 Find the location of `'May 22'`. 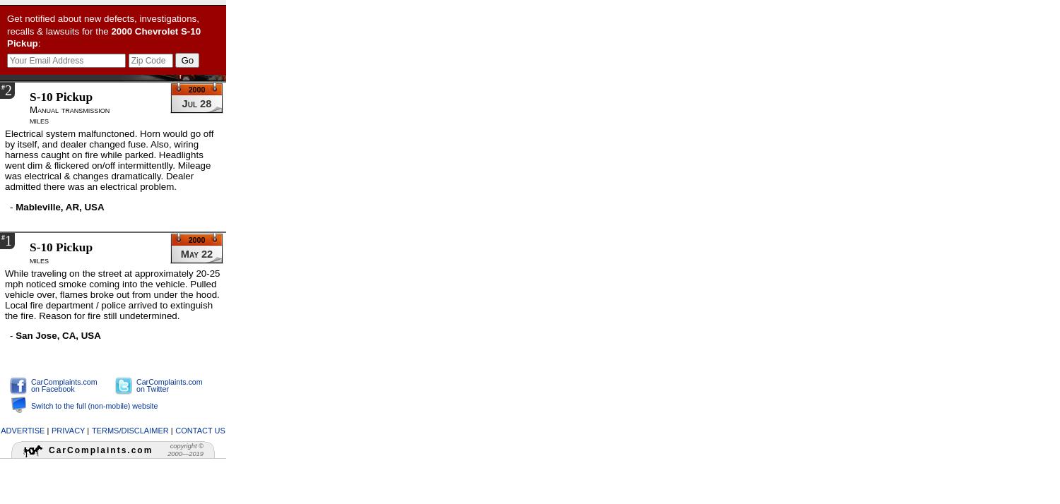

'May 22' is located at coordinates (196, 253).